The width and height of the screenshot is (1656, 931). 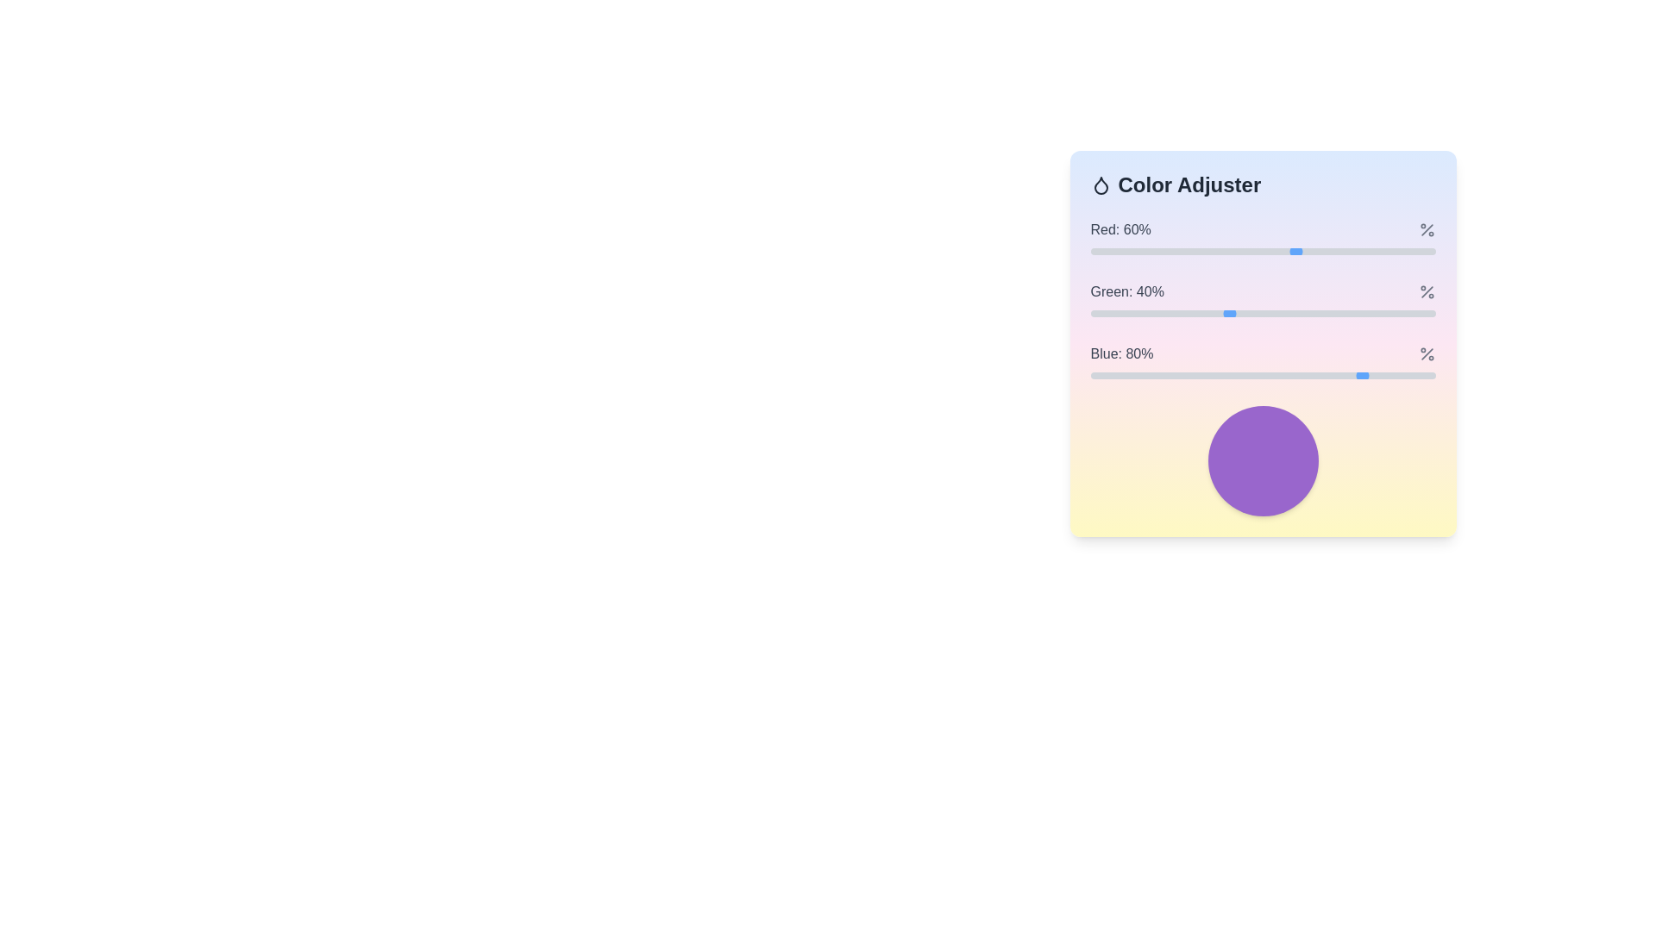 I want to click on the text of the 'red: 60%' indicator, so click(x=1089, y=218).